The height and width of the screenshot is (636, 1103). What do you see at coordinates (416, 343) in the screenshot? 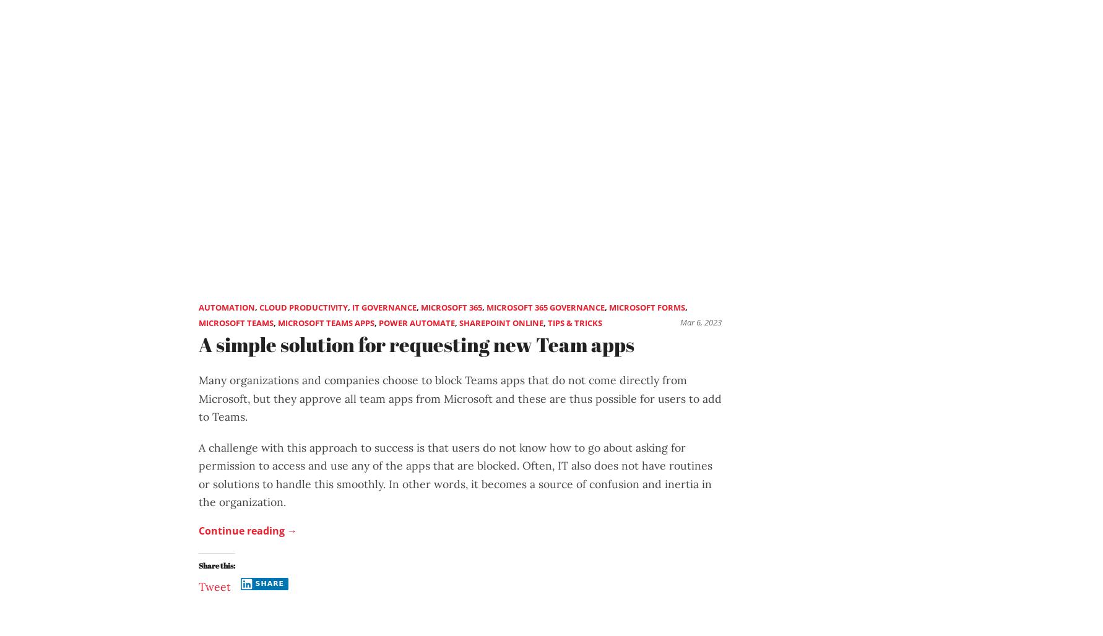
I see `'A simple solution for requesting new Team apps'` at bounding box center [416, 343].